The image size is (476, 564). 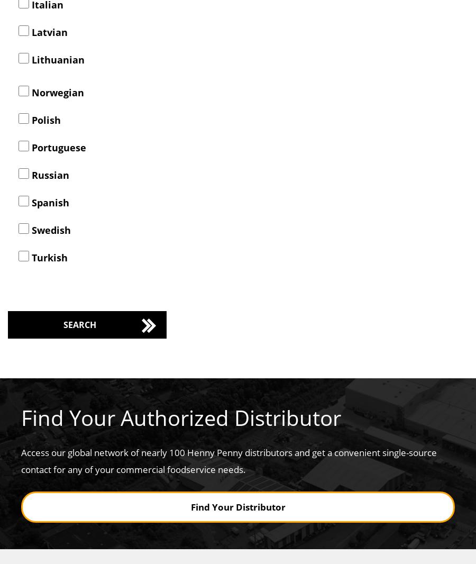 What do you see at coordinates (57, 147) in the screenshot?
I see `'Portuguese'` at bounding box center [57, 147].